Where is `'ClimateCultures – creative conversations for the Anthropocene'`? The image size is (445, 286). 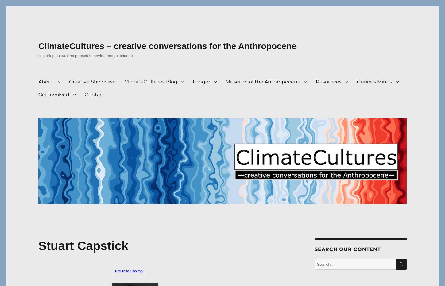
'ClimateCultures – creative conversations for the Anthropocene' is located at coordinates (167, 46).